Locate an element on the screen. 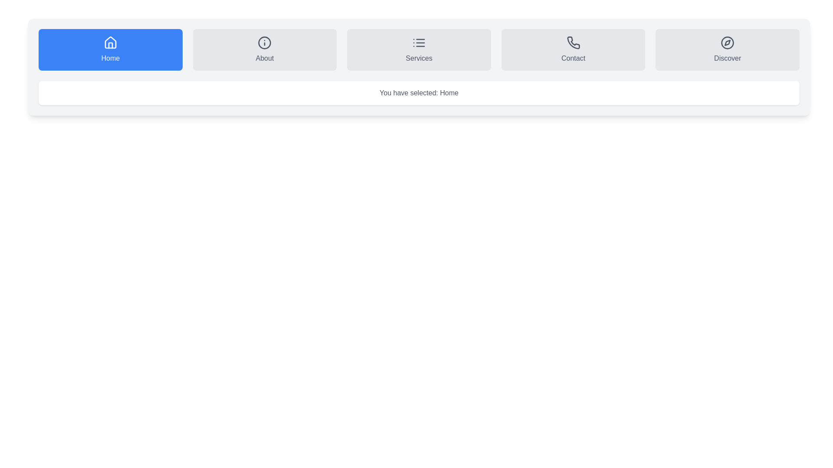  the 'Discover' icon located in the top navigation bar on the rightmost side of the interface is located at coordinates (728, 43).